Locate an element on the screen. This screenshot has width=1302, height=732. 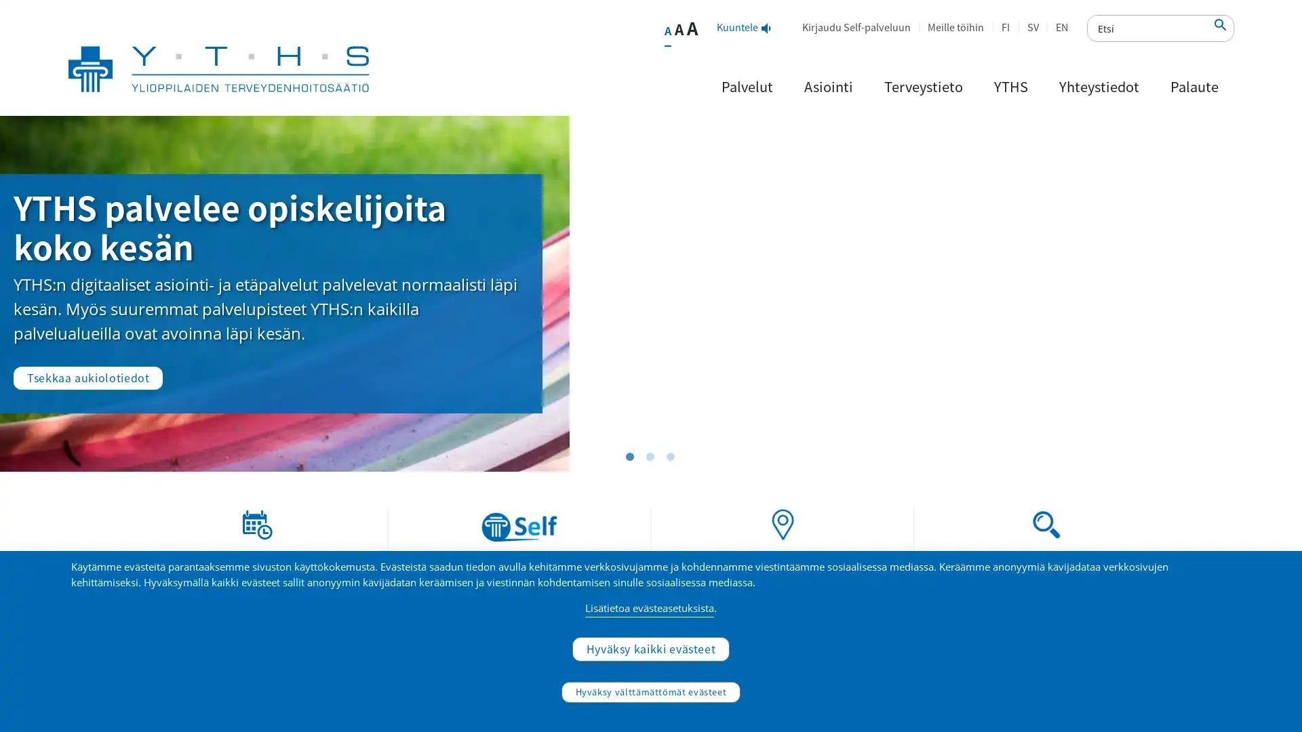
Etsi is located at coordinates (1221, 28).